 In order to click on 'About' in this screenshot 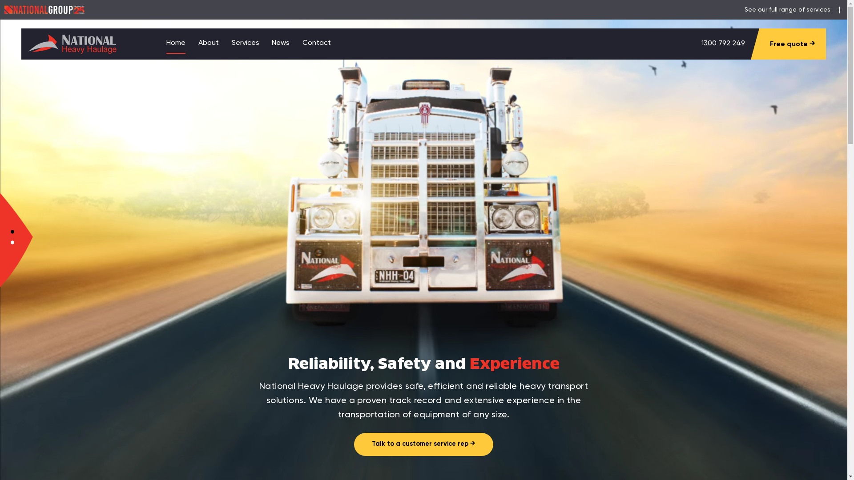, I will do `click(208, 43)`.